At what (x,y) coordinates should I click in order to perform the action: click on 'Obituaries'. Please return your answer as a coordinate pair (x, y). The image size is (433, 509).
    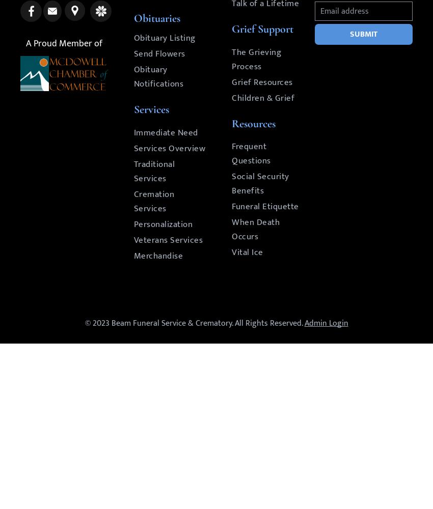
    Looking at the image, I should click on (132, 18).